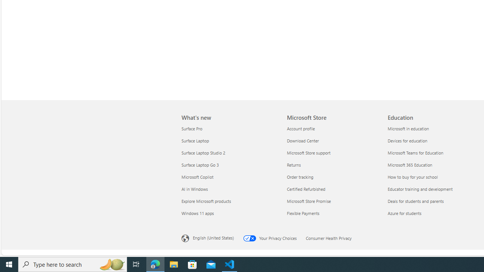 The height and width of the screenshot is (272, 484). I want to click on 'Microsoft Copilot What', so click(197, 177).